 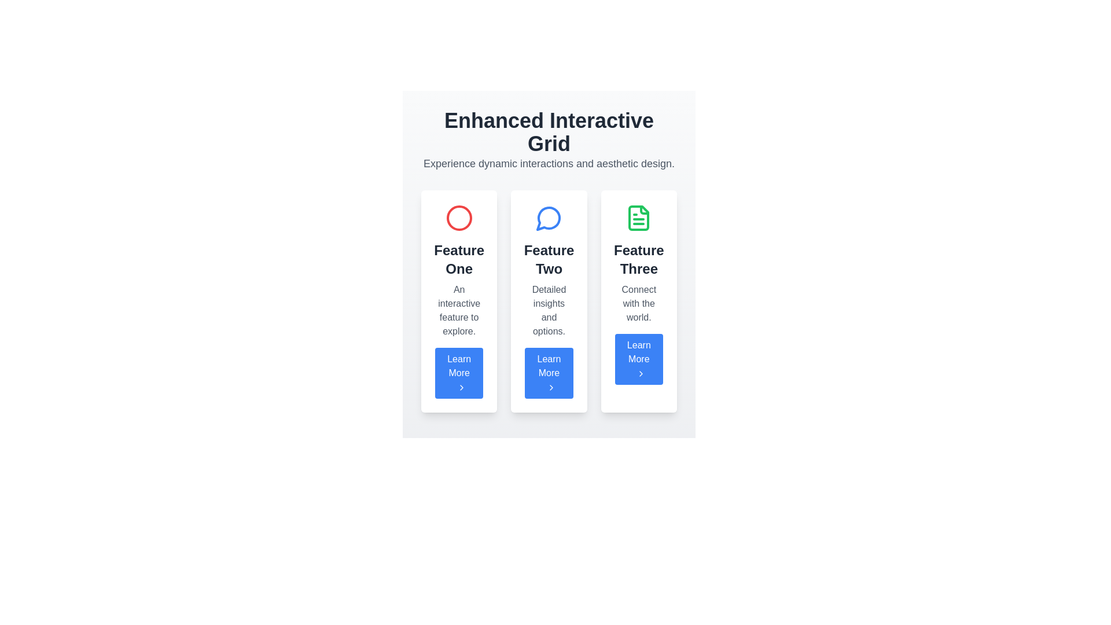 What do you see at coordinates (638, 259) in the screenshot?
I see `the text label 'Feature Three', which is styled in bold and prominently larger than the surrounding text, positioned centrally in the last card above the descriptive text 'Connect with the world'` at bounding box center [638, 259].